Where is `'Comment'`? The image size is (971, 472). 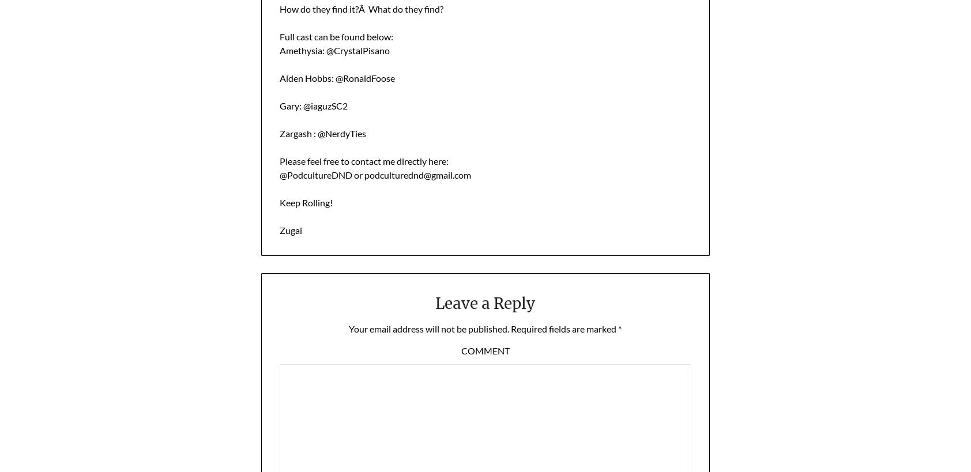
'Comment' is located at coordinates (484, 350).